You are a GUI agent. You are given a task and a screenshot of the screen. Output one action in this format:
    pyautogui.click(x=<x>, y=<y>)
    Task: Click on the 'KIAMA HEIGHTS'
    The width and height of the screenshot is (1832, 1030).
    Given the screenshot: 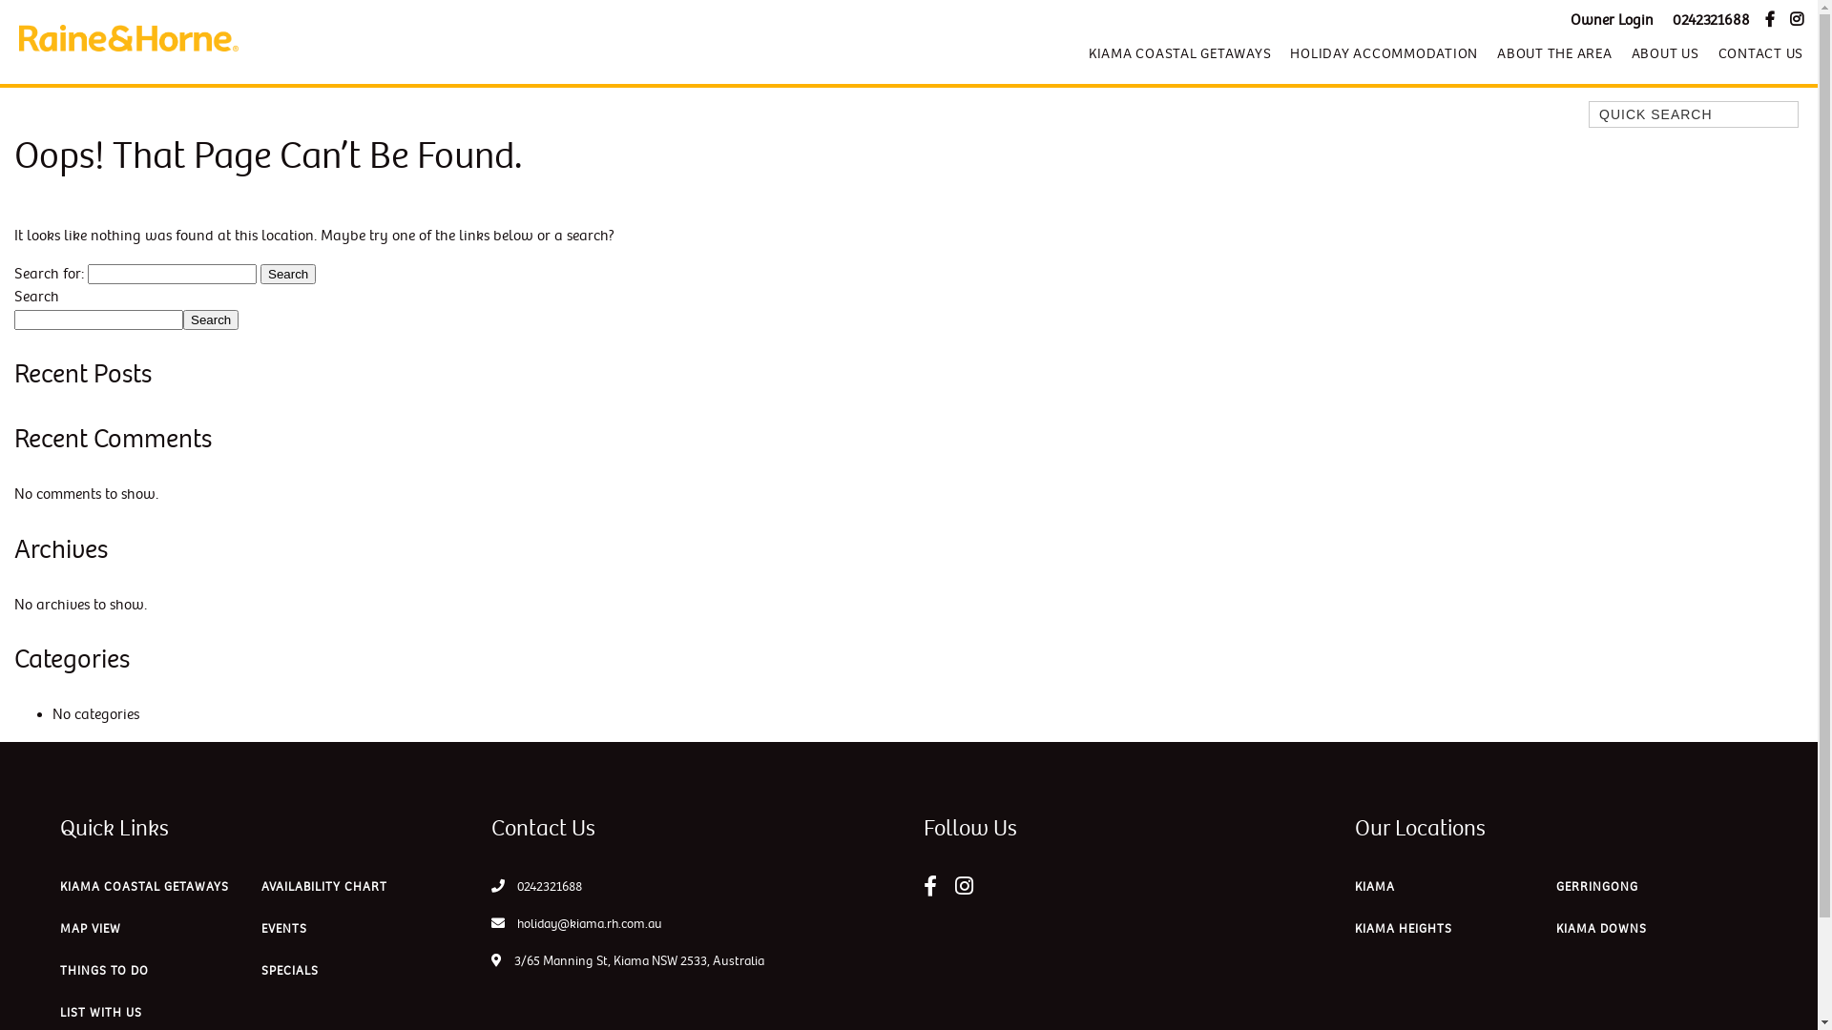 What is the action you would take?
    pyautogui.click(x=1403, y=933)
    